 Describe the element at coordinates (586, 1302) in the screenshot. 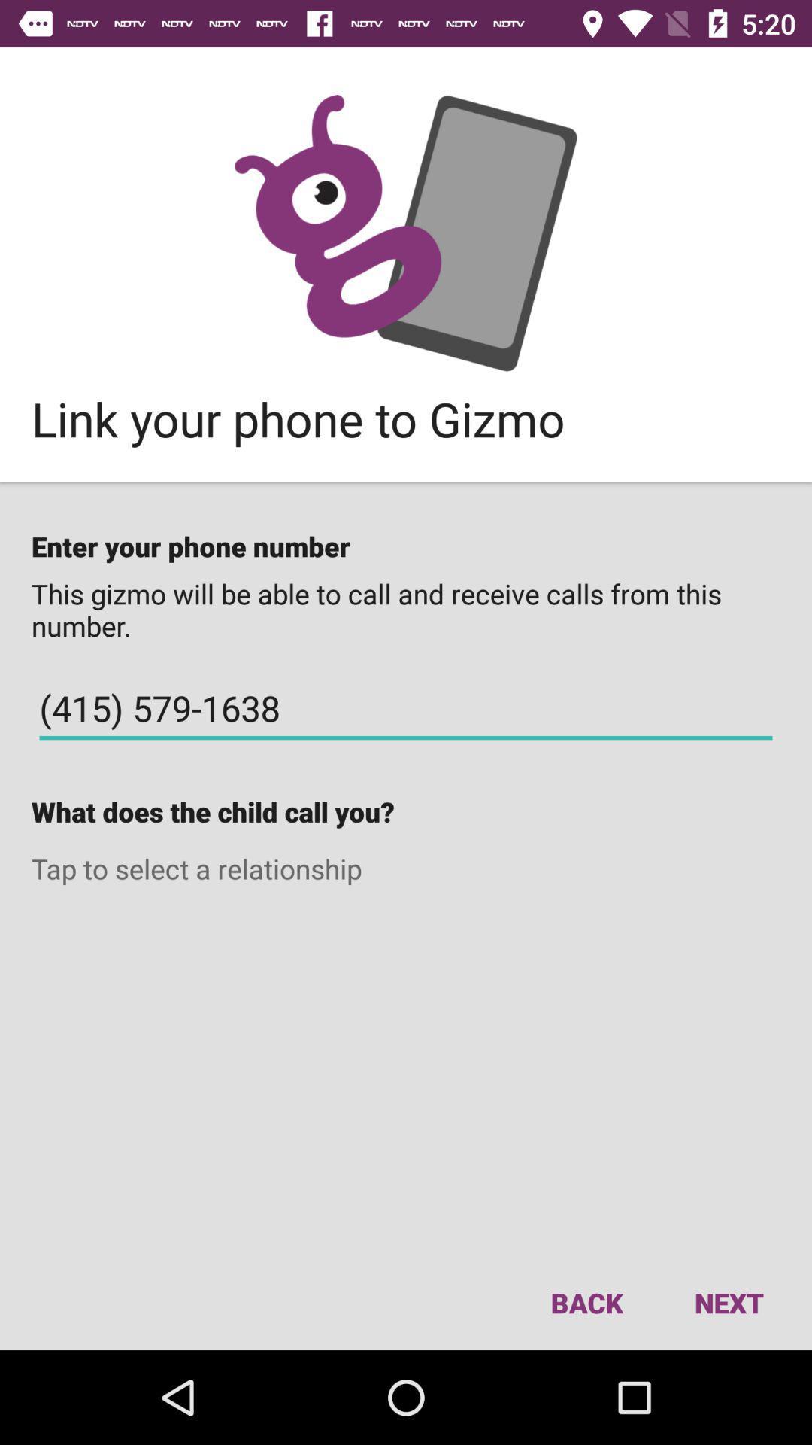

I see `the item below tap to select icon` at that location.